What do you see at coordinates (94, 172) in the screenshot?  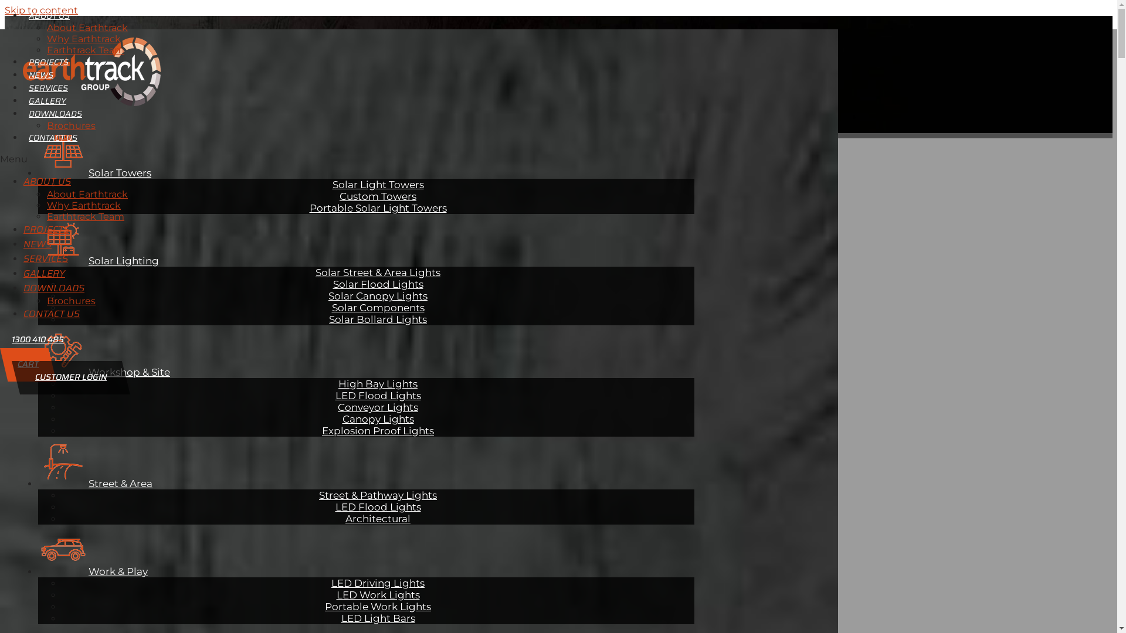 I see `'Solar Towers'` at bounding box center [94, 172].